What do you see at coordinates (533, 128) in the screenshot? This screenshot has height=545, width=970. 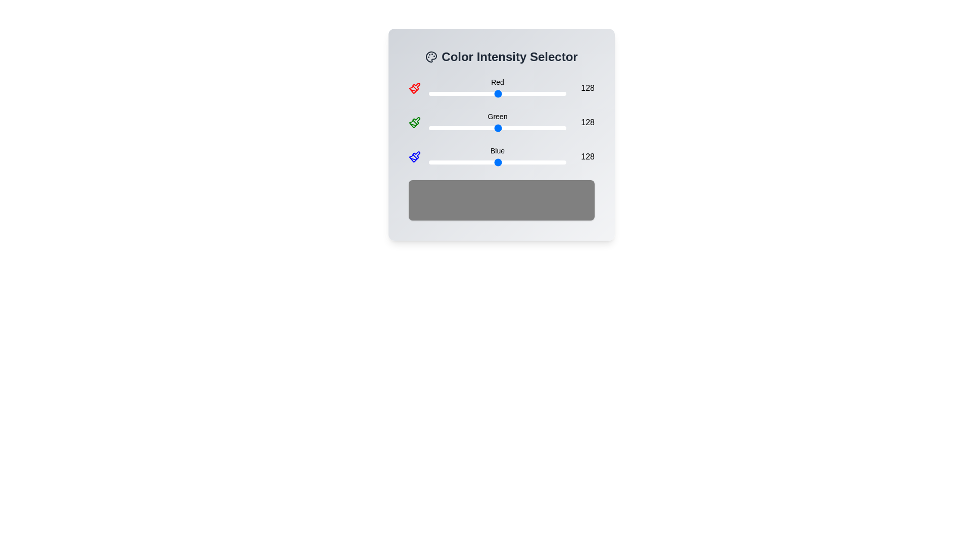 I see `the green intensity` at bounding box center [533, 128].